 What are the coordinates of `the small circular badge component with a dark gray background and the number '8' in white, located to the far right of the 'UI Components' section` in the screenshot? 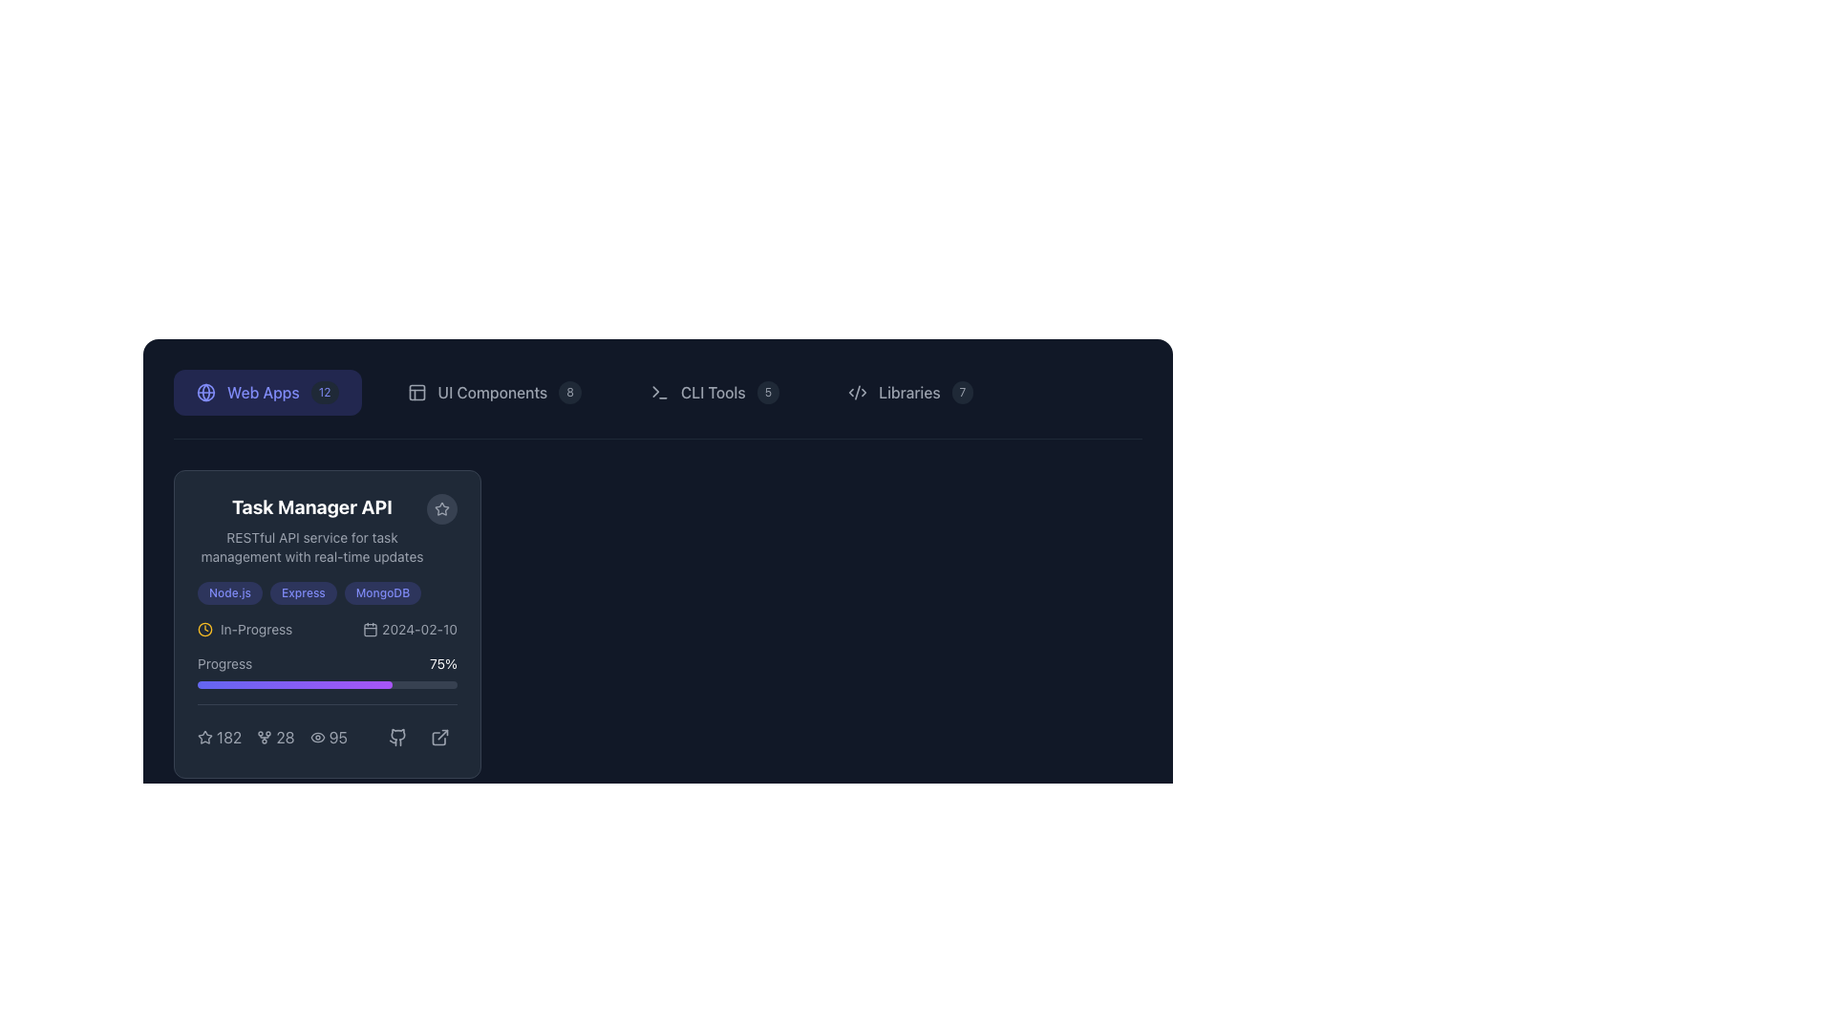 It's located at (569, 392).